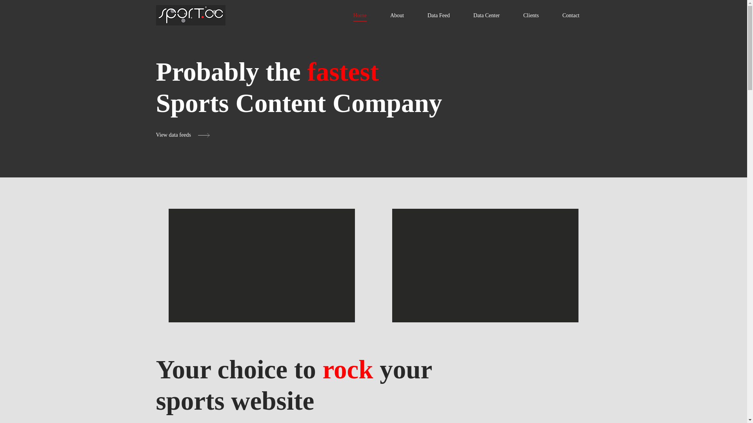 This screenshot has width=753, height=423. What do you see at coordinates (353, 15) in the screenshot?
I see `'Home'` at bounding box center [353, 15].